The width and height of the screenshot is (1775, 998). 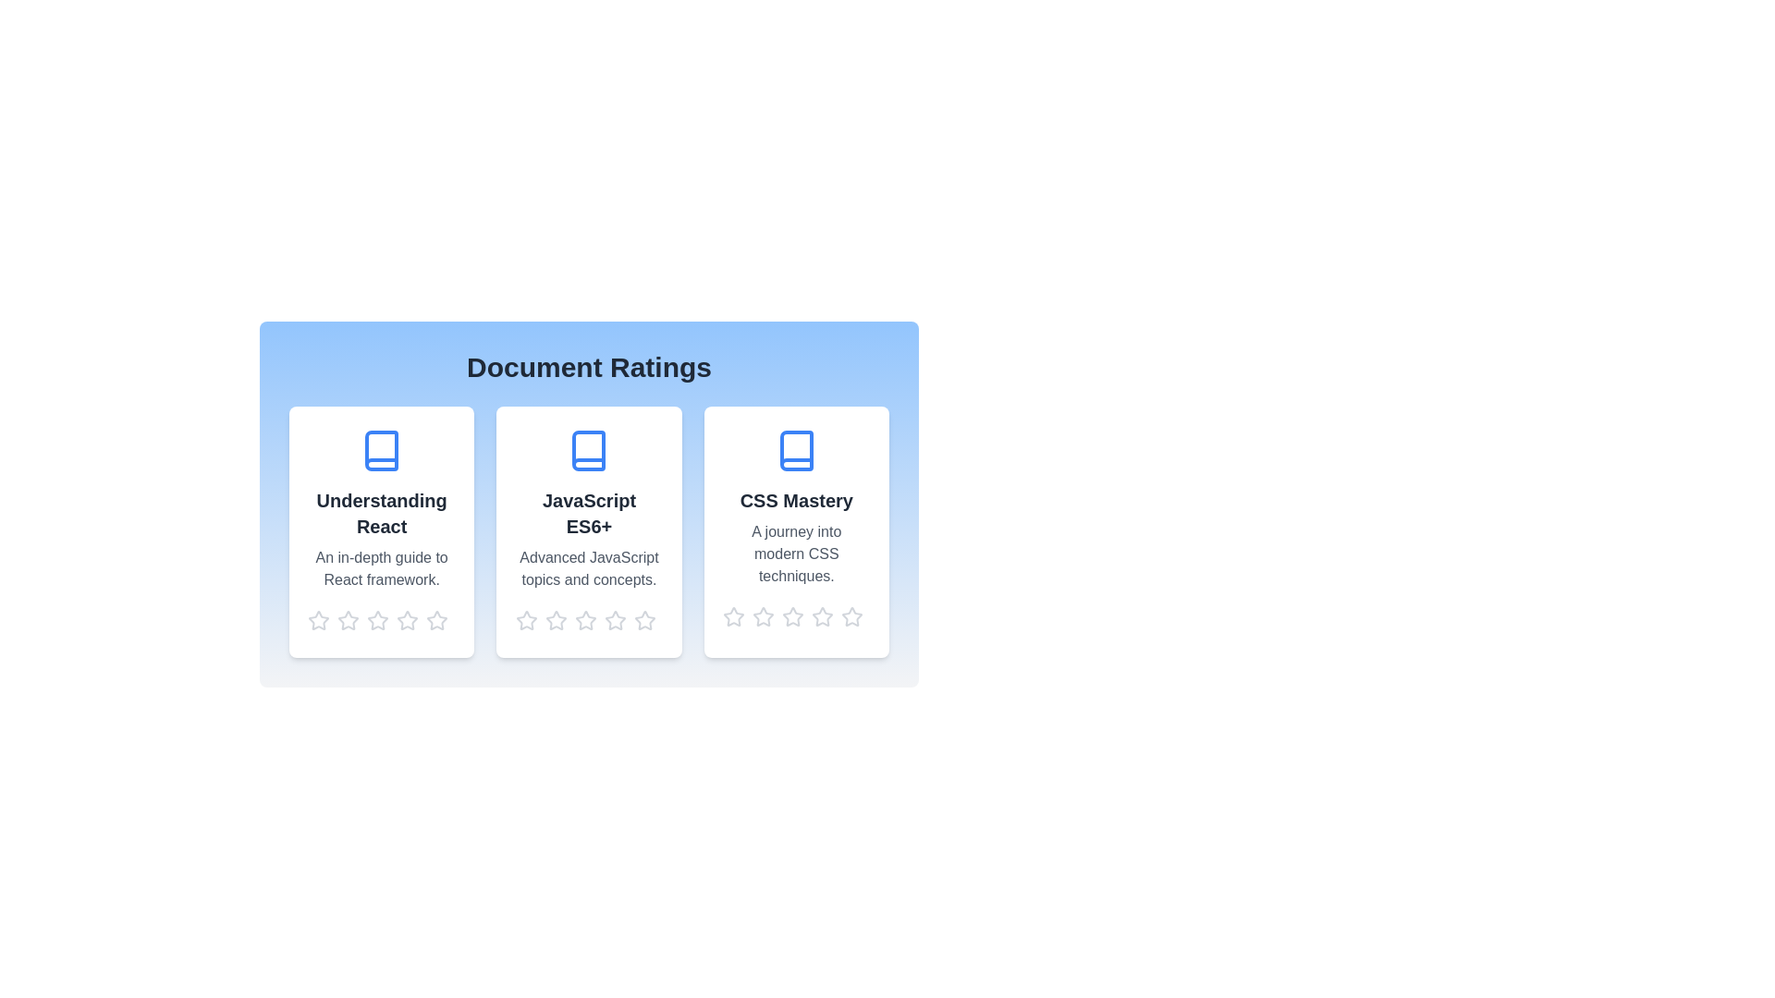 I want to click on the document icon for the document titled JavaScript ES6+, so click(x=588, y=451).